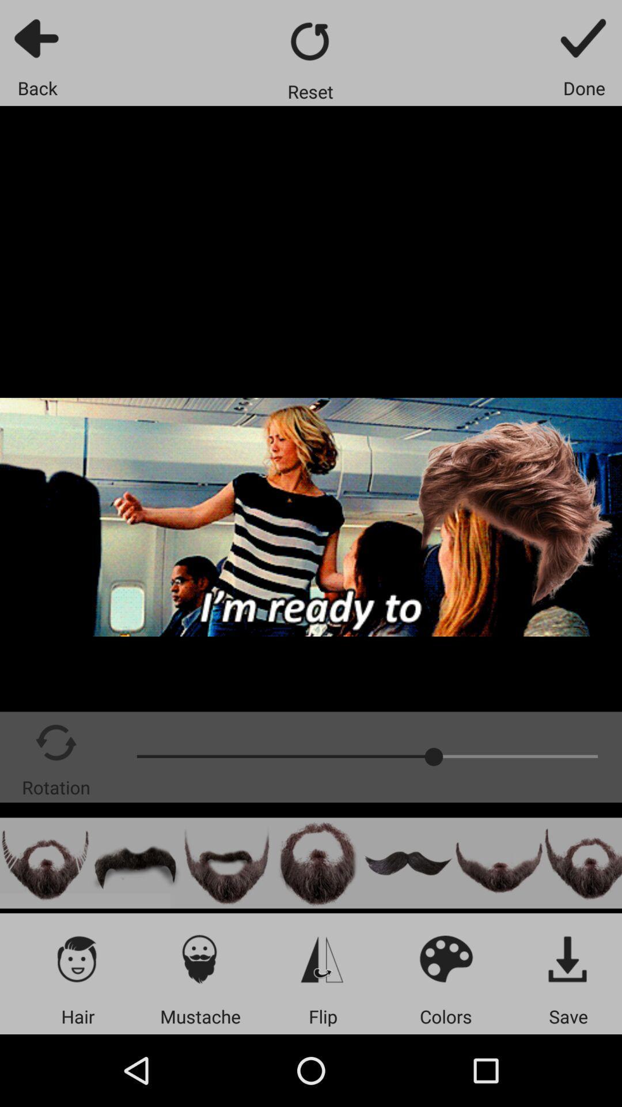 The width and height of the screenshot is (622, 1107). What do you see at coordinates (78, 958) in the screenshot?
I see `change hair option` at bounding box center [78, 958].